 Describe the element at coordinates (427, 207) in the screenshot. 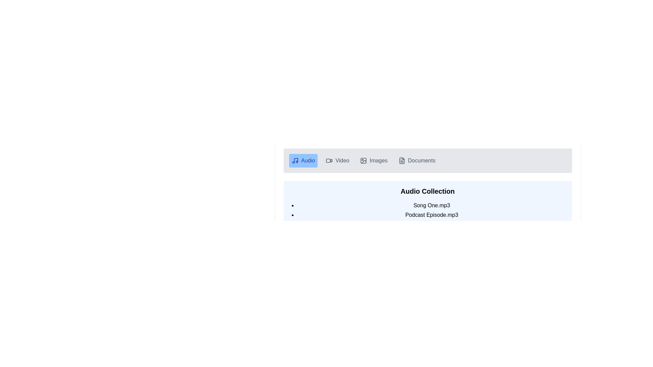

I see `the displayed media file name in the 'Audio Collection' section, which is the first item in the list` at that location.